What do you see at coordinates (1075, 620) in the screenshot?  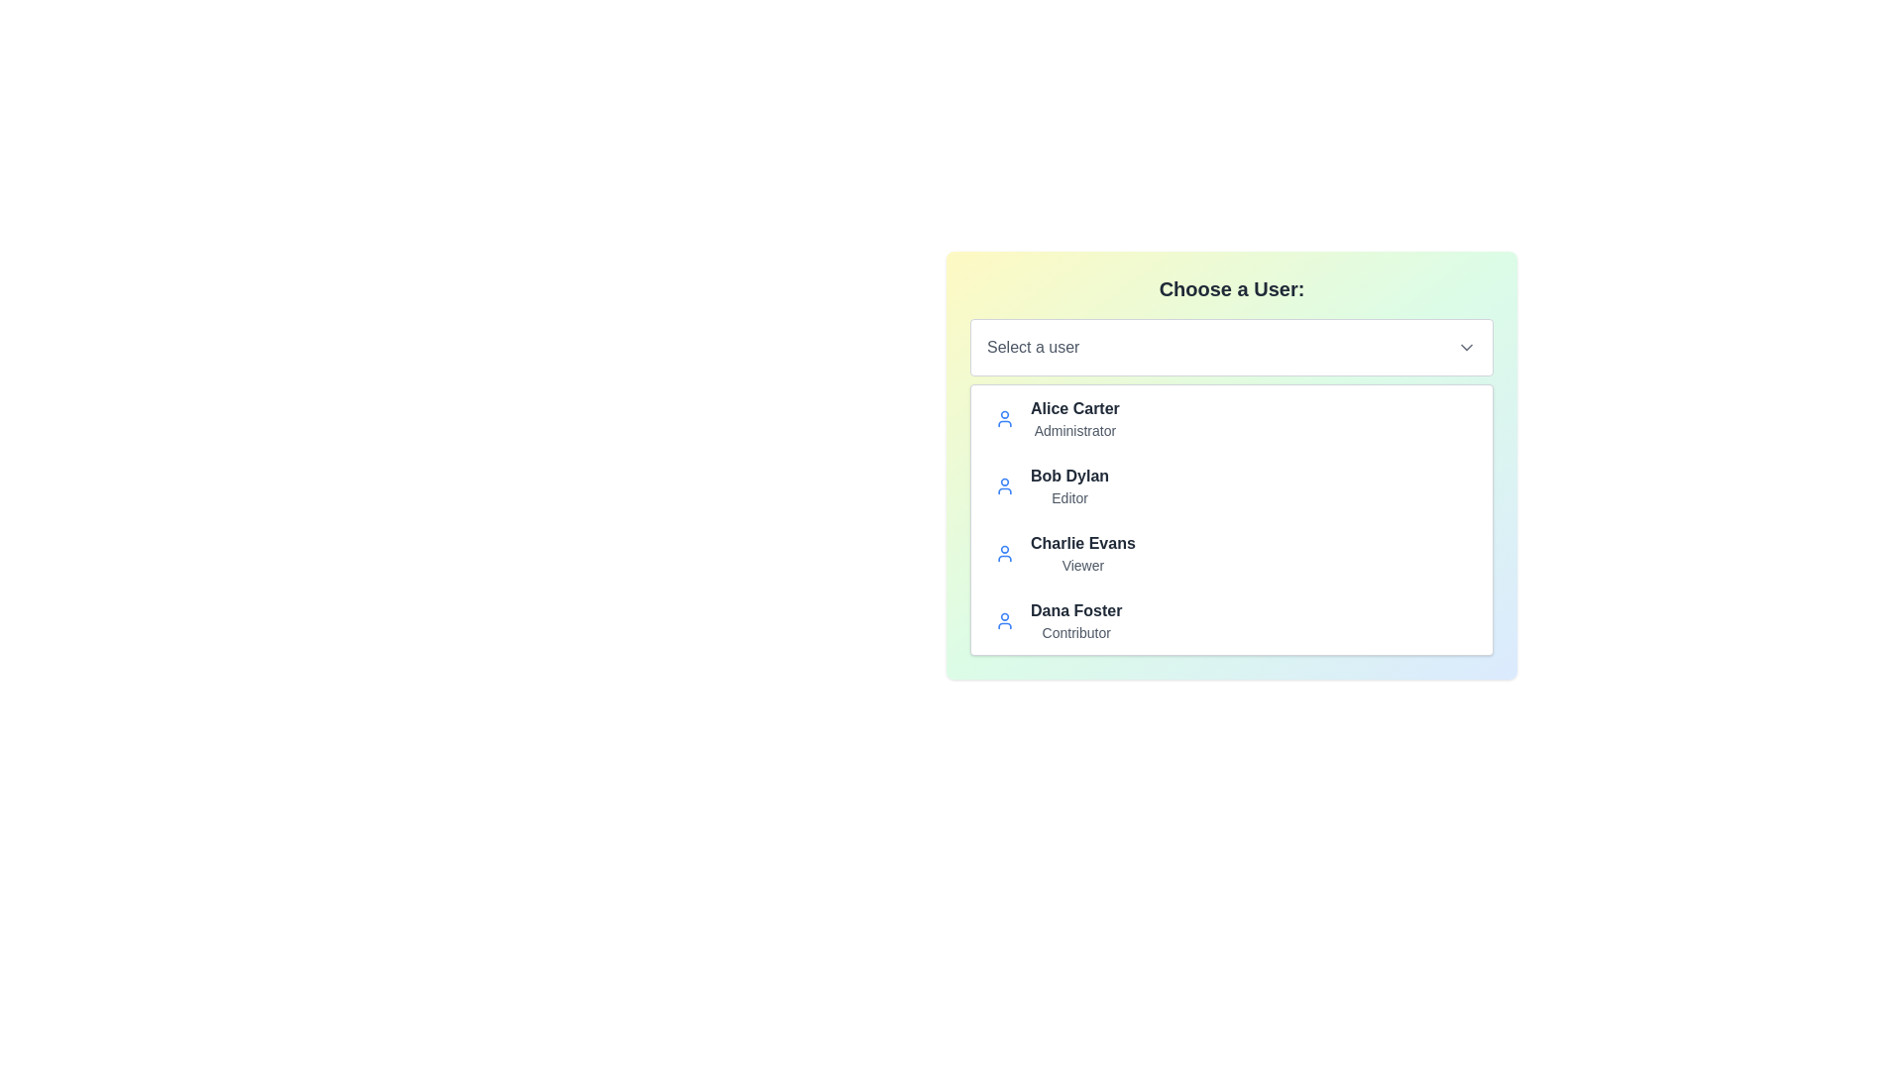 I see `the 'Dana Foster' and 'Contributor' text label pair` at bounding box center [1075, 620].